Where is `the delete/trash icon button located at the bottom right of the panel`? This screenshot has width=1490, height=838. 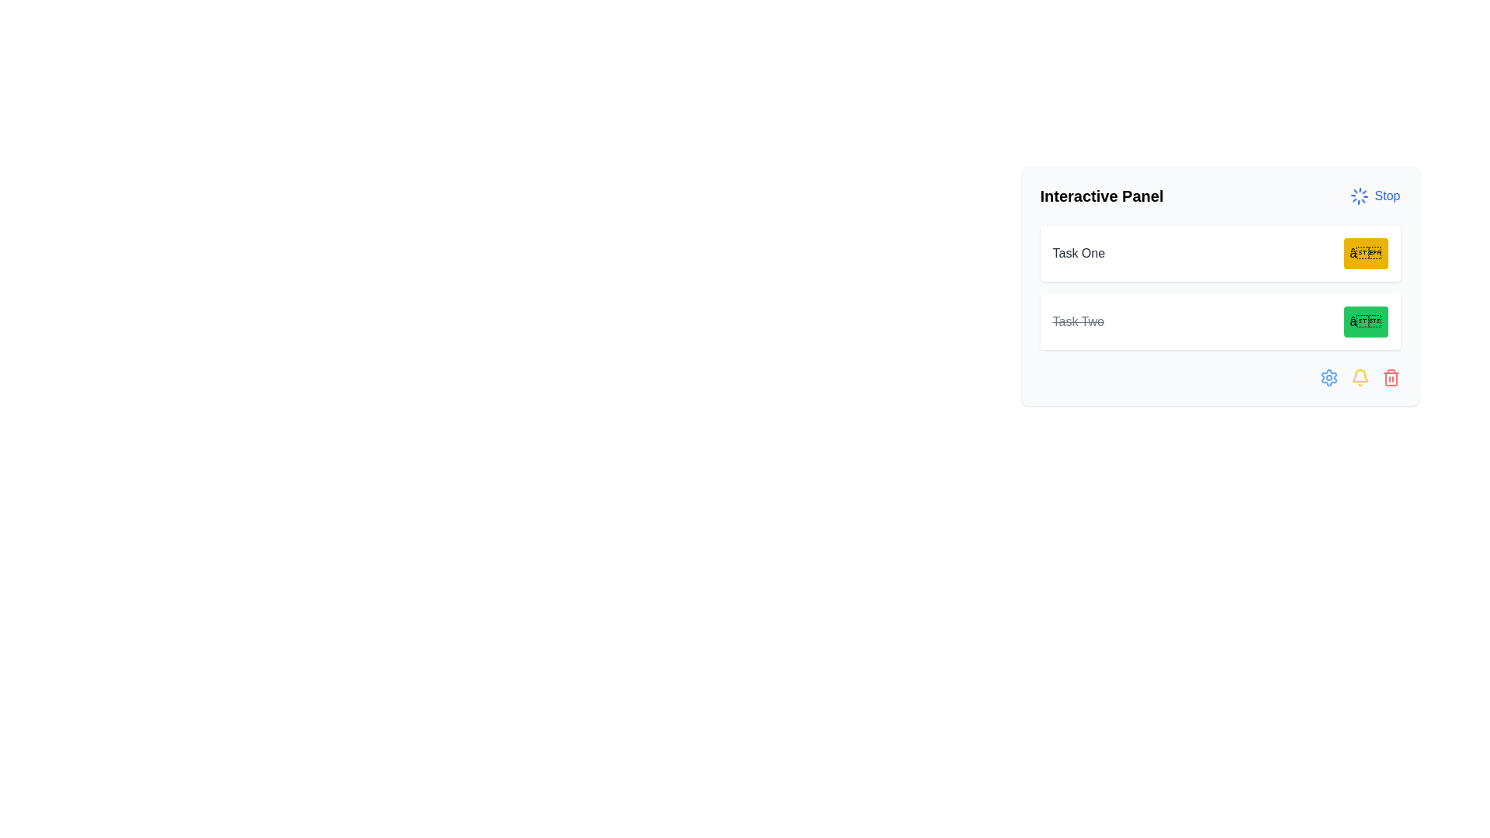 the delete/trash icon button located at the bottom right of the panel is located at coordinates (1391, 377).